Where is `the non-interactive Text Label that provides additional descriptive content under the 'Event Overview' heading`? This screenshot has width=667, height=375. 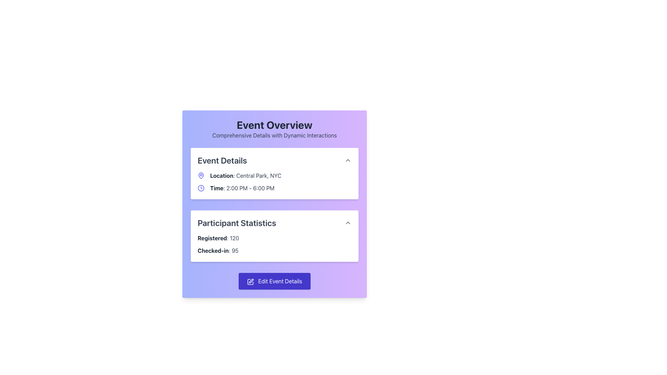 the non-interactive Text Label that provides additional descriptive content under the 'Event Overview' heading is located at coordinates (274, 135).